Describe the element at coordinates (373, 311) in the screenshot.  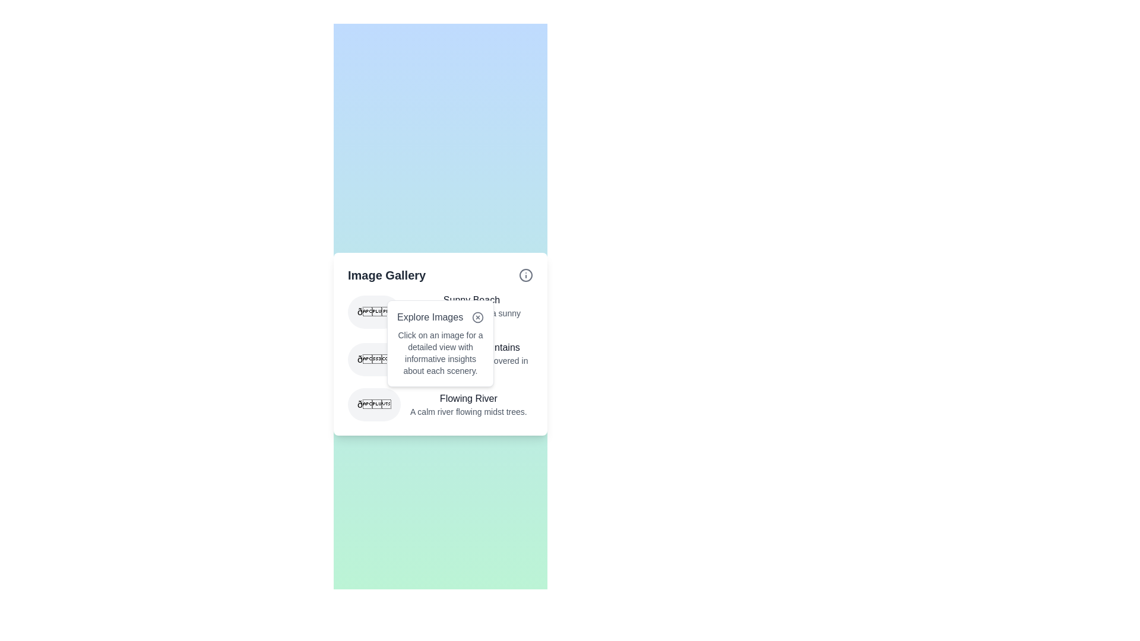
I see `the 'Sunny Beach' icon, which is located on the left side of the text description in the gallery component` at that location.